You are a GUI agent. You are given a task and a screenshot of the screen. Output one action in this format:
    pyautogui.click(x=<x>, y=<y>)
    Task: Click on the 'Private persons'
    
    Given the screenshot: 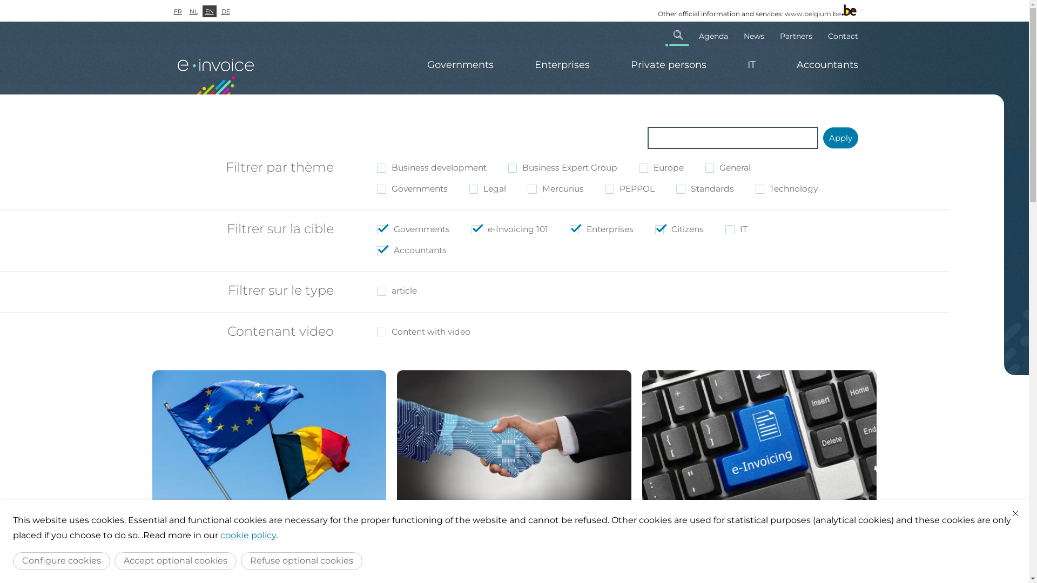 What is the action you would take?
    pyautogui.click(x=668, y=65)
    